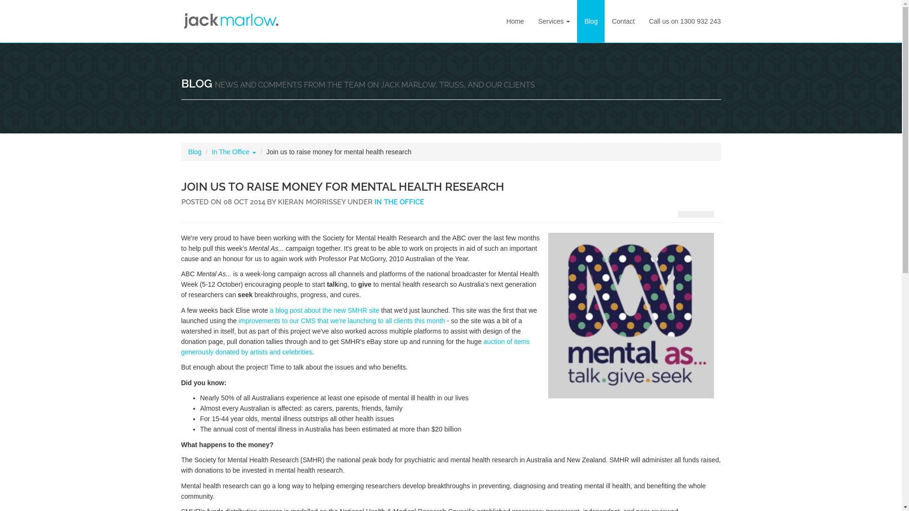  What do you see at coordinates (514, 21) in the screenshot?
I see `'Home'` at bounding box center [514, 21].